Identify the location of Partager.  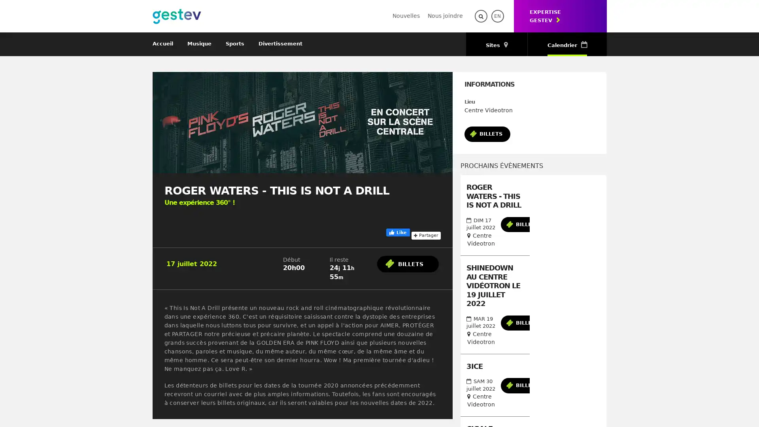
(425, 234).